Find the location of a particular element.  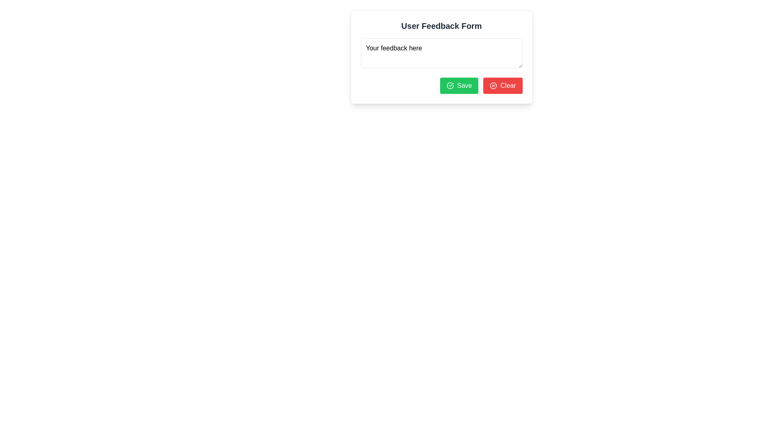

the group of two buttons located at the bottom right of the 'User Feedback Form' is located at coordinates (441, 86).